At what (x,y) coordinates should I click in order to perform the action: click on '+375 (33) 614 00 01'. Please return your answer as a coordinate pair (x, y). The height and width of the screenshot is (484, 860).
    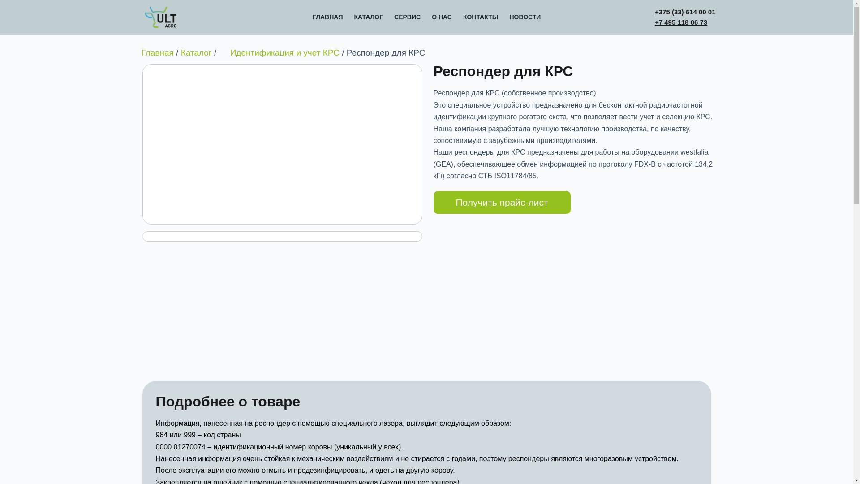
    Looking at the image, I should click on (655, 12).